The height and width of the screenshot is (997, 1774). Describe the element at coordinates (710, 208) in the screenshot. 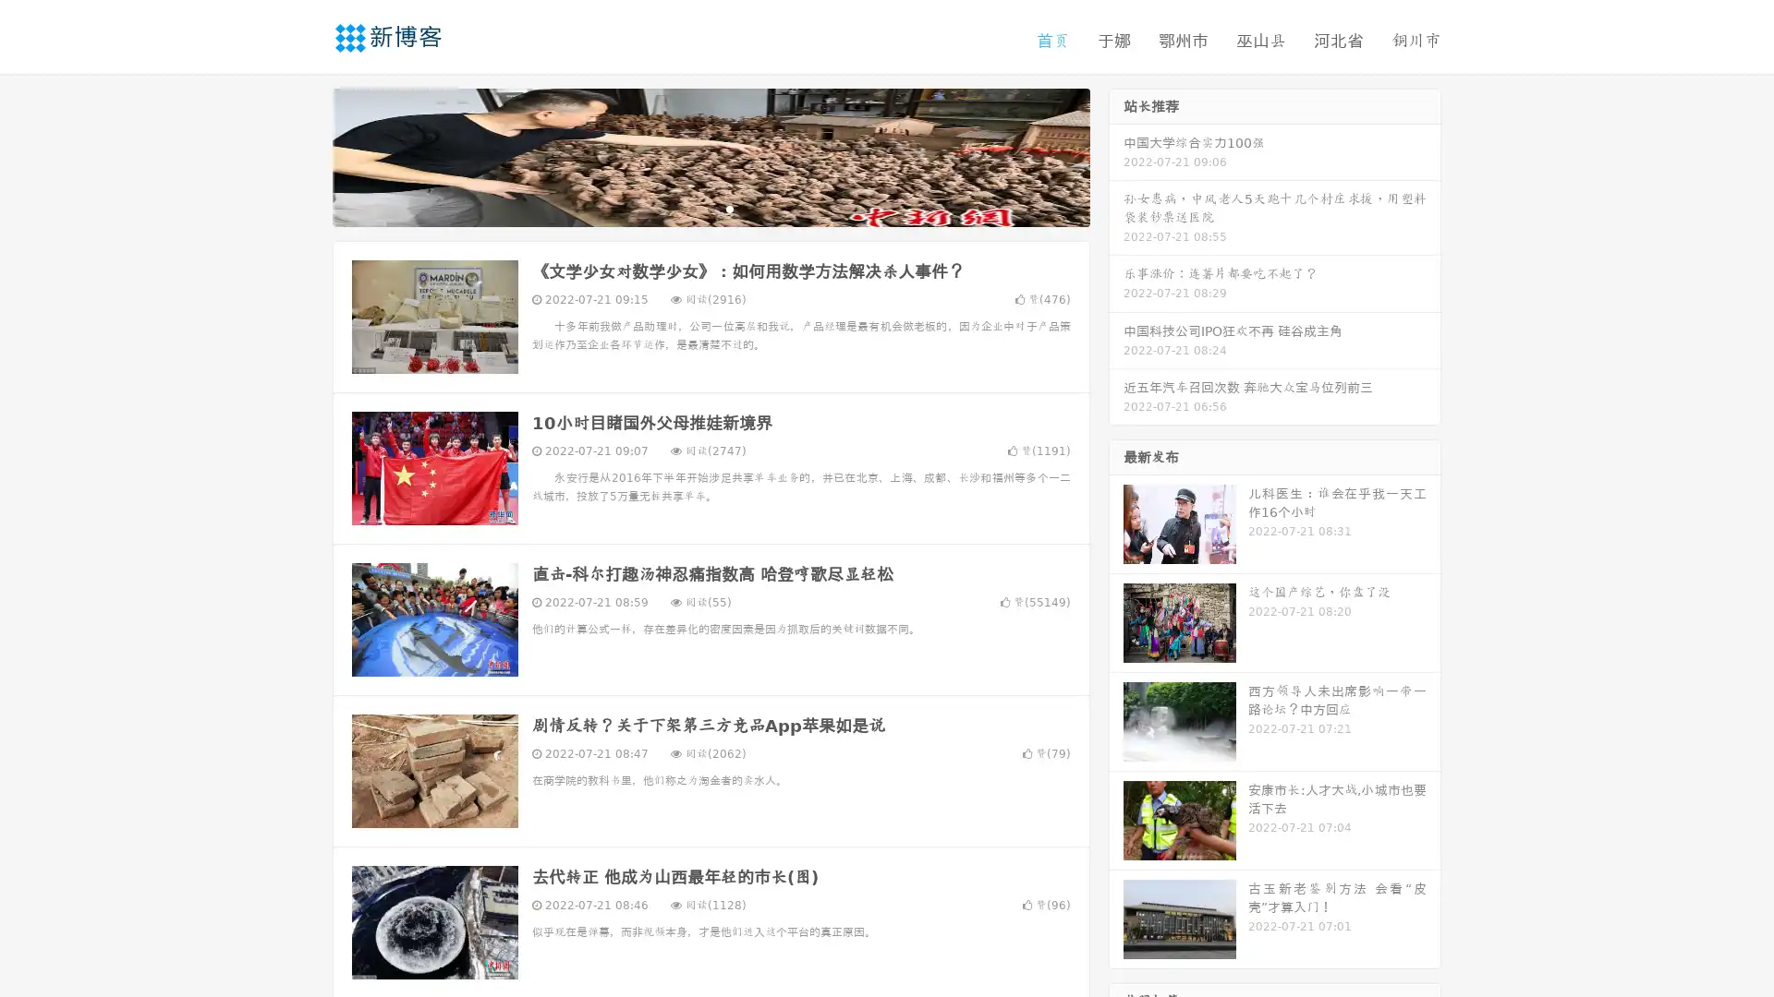

I see `Go to slide 2` at that location.